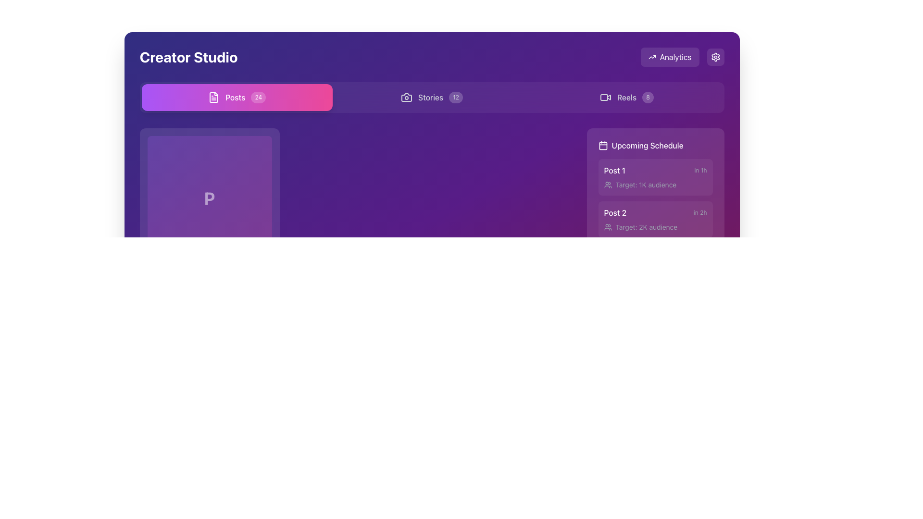 The image size is (923, 519). Describe the element at coordinates (646, 227) in the screenshot. I see `text from the Text Label indicating the target audience size for the second item in the 'Upcoming Schedule' section, following the first item labeled 'Target: 1K audience'` at that location.